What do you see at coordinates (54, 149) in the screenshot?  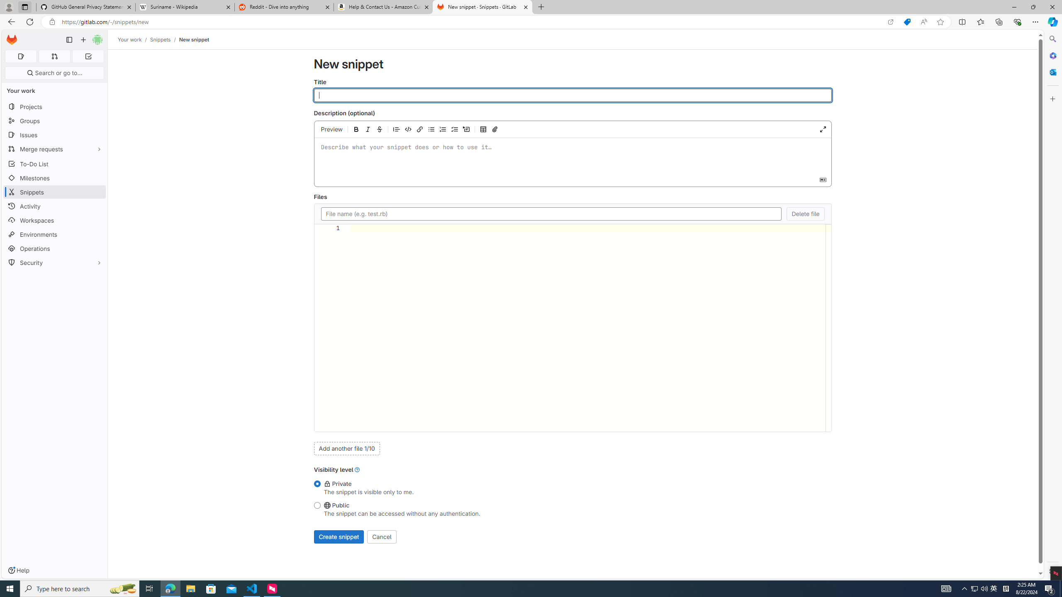 I see `'Merge requests'` at bounding box center [54, 149].